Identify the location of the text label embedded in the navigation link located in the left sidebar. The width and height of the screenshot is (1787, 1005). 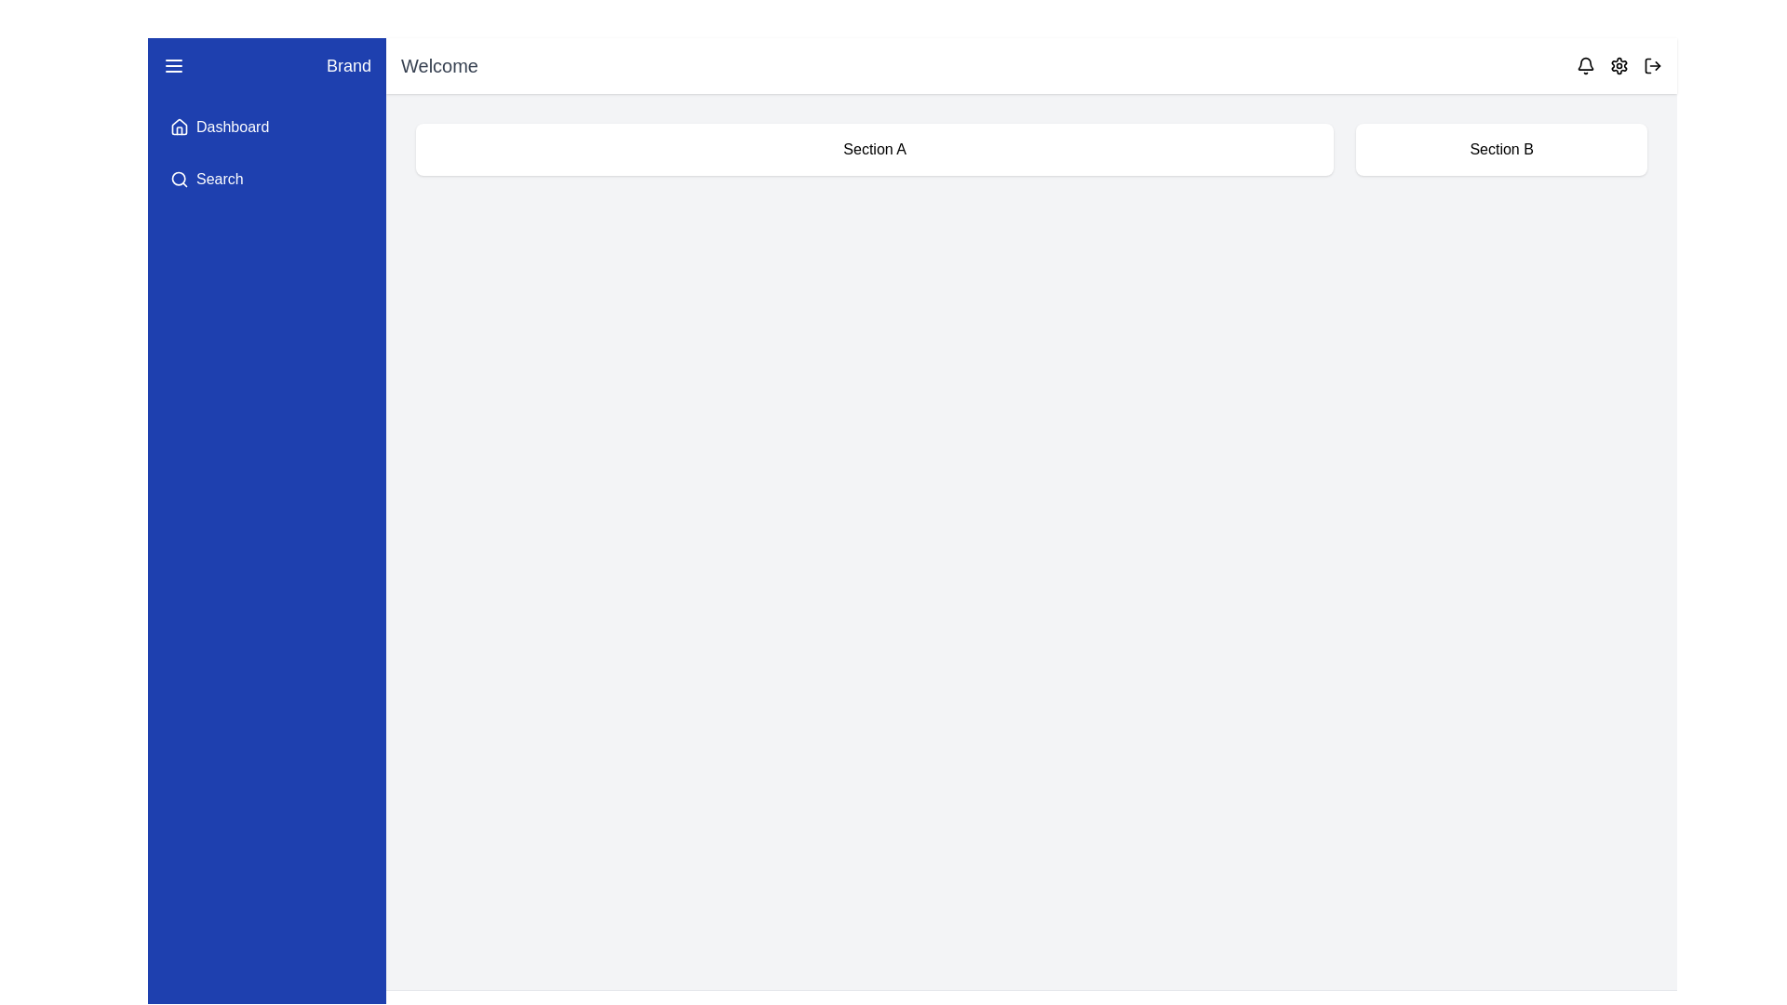
(220, 179).